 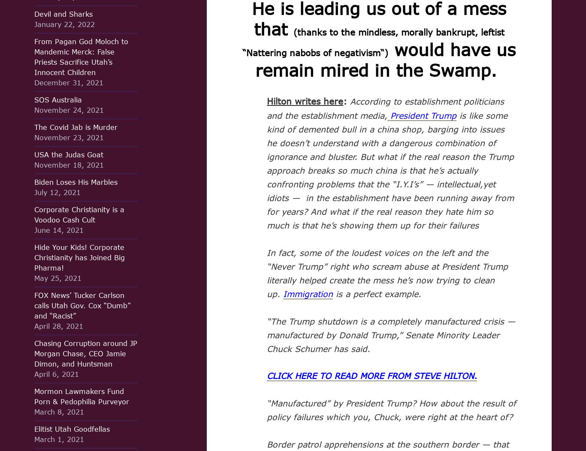 I want to click on 'April 28, 2021', so click(x=58, y=325).